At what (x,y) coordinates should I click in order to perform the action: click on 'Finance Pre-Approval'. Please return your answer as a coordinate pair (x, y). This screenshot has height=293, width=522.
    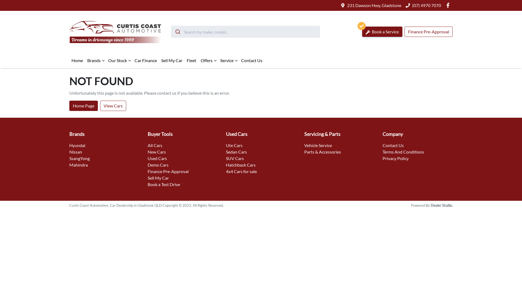
    Looking at the image, I should click on (428, 31).